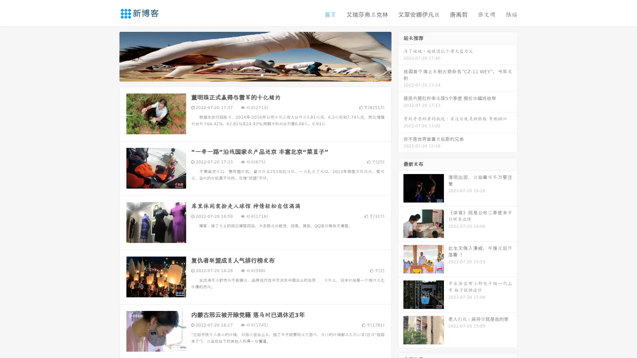  Describe the element at coordinates (262, 75) in the screenshot. I see `Go to slide 3` at that location.